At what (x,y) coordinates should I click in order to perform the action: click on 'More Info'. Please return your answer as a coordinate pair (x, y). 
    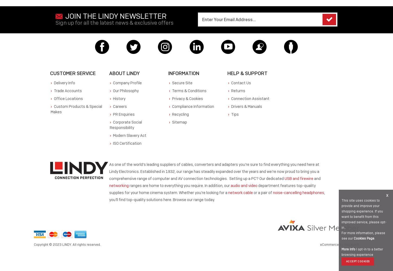
    Looking at the image, I should click on (348, 249).